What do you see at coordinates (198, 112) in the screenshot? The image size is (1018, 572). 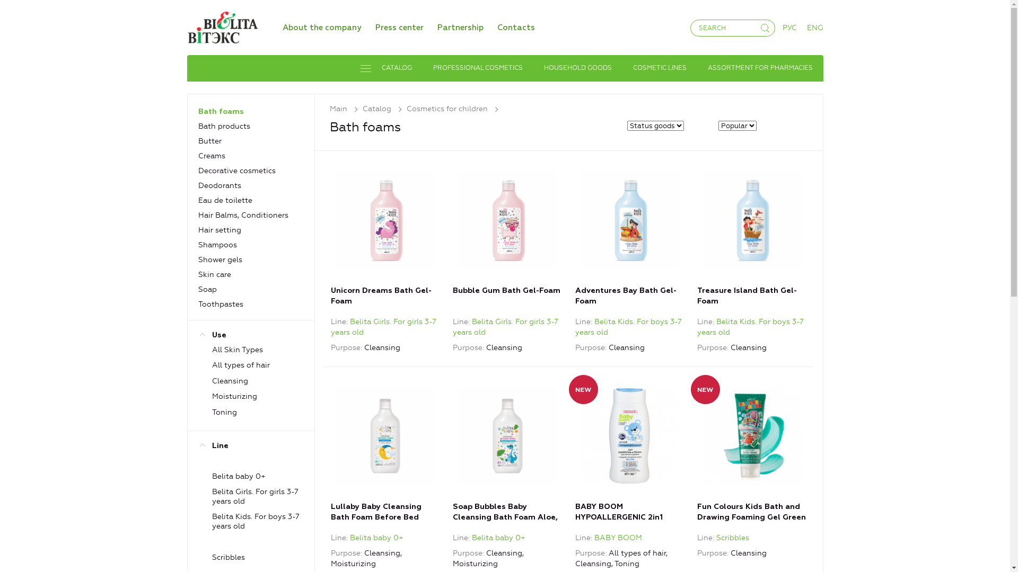 I see `'Bath foams'` at bounding box center [198, 112].